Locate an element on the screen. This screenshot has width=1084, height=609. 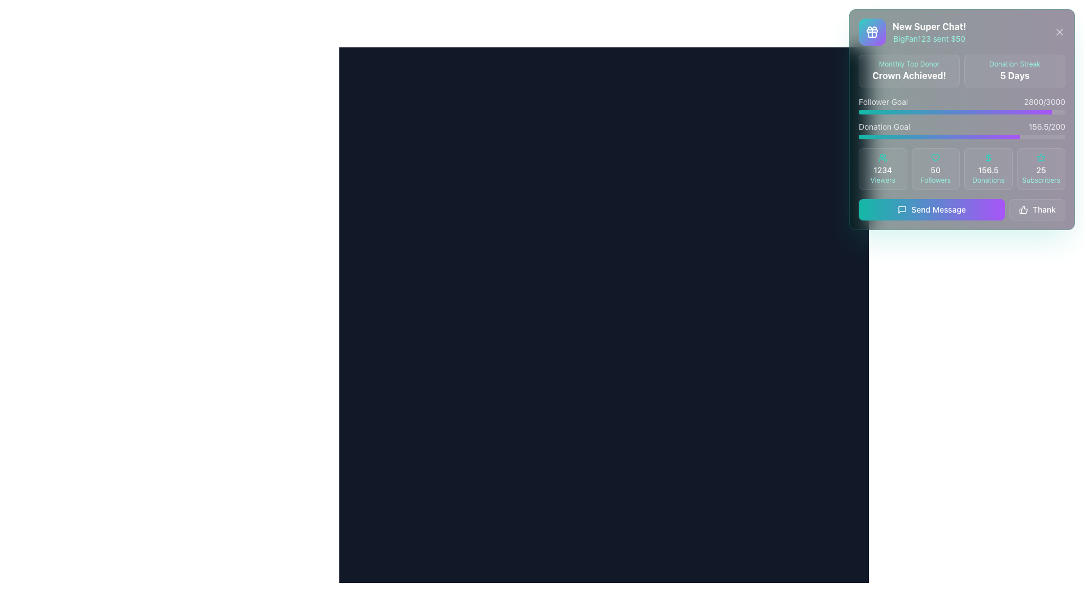
the Progress Bar that visually represents the progression of a donation goal, located beneath the text label 'Donation Goal 156.5/200.' is located at coordinates (961, 136).